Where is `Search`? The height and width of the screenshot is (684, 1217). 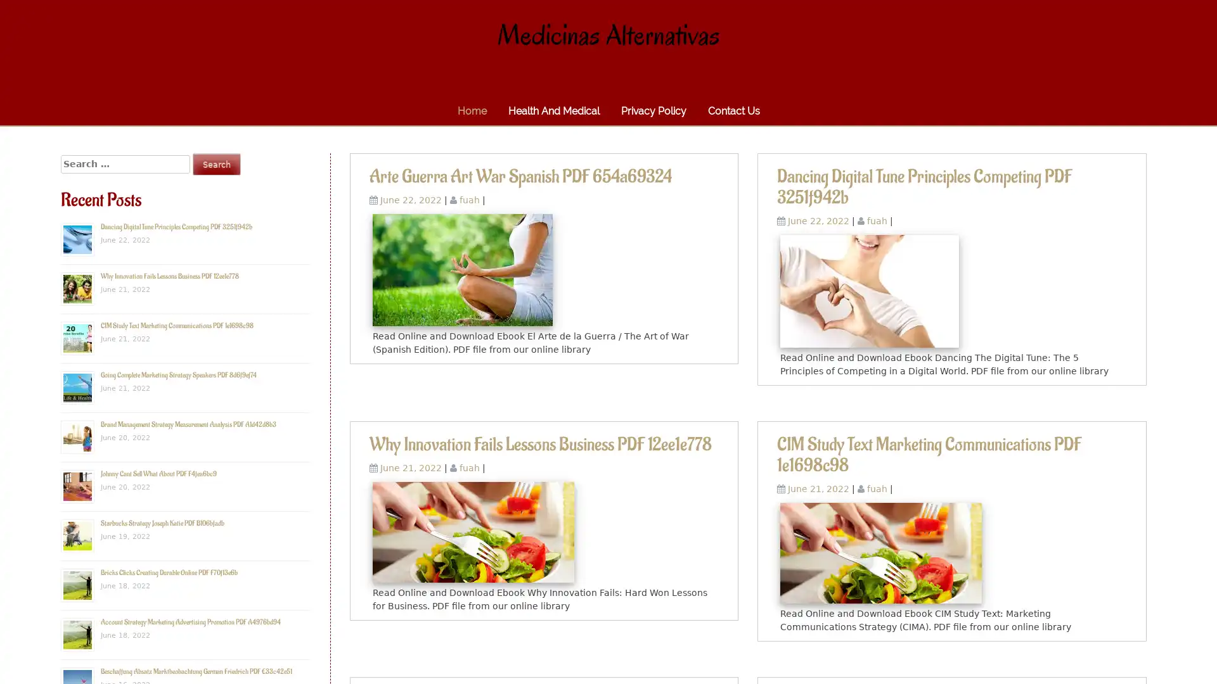 Search is located at coordinates (216, 163).